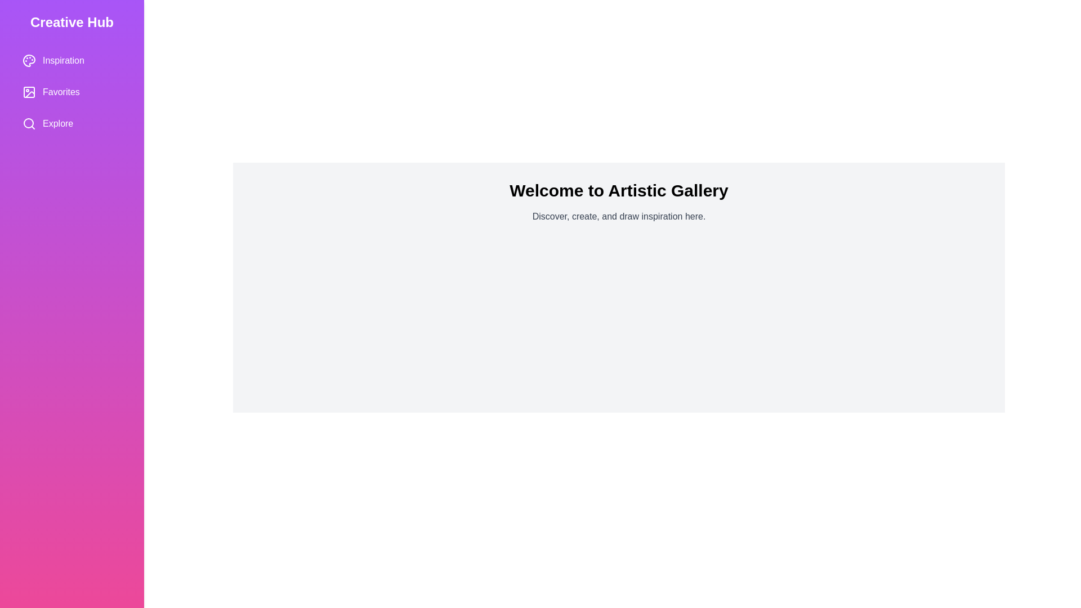 The width and height of the screenshot is (1081, 608). Describe the element at coordinates (72, 123) in the screenshot. I see `the category Explore from the menu` at that location.